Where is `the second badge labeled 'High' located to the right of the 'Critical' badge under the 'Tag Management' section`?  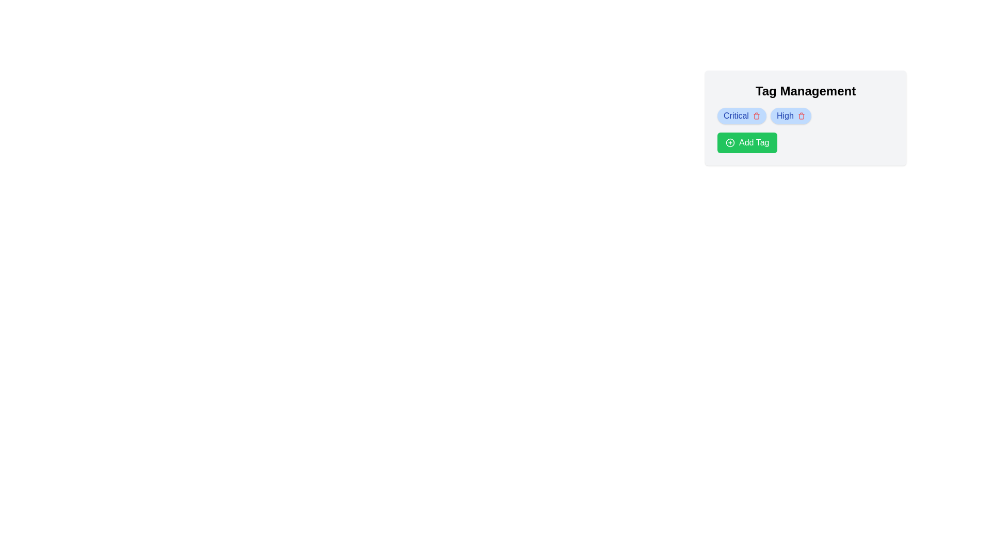 the second badge labeled 'High' located to the right of the 'Critical' badge under the 'Tag Management' section is located at coordinates (790, 116).